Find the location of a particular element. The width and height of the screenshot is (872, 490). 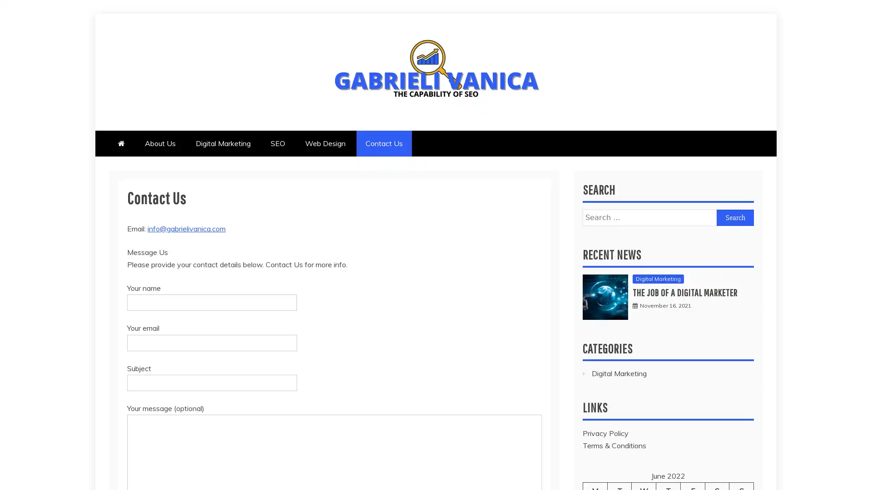

Search is located at coordinates (735, 217).